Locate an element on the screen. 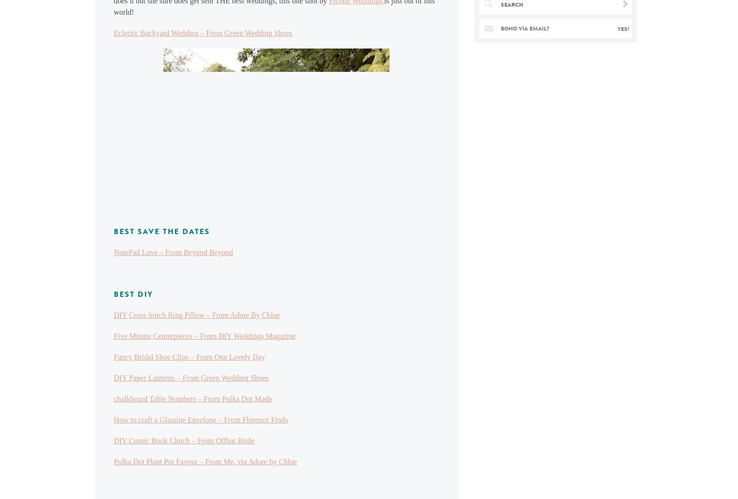 The height and width of the screenshot is (499, 738). 'How to craft a Glassine Envelope – From Florence Finds' is located at coordinates (200, 420).